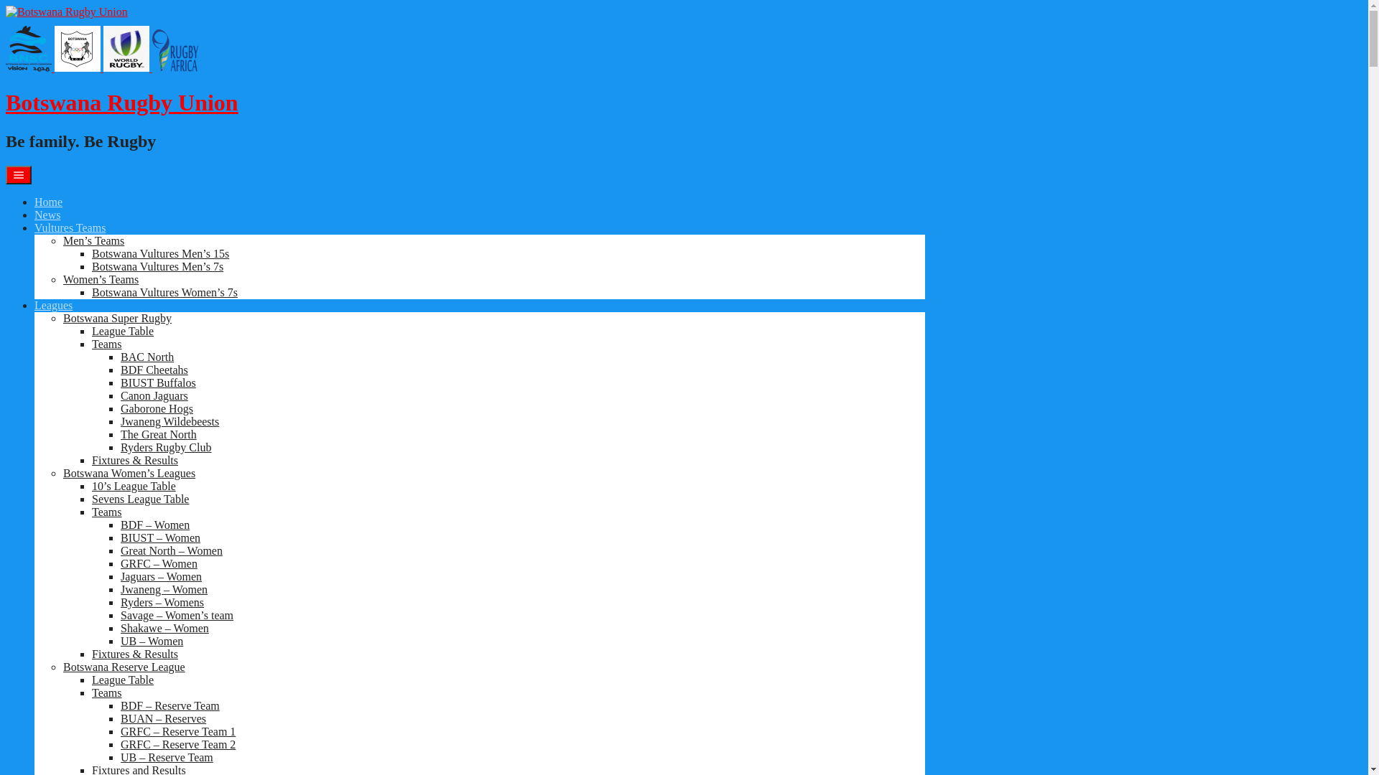  I want to click on 'News', so click(47, 215).